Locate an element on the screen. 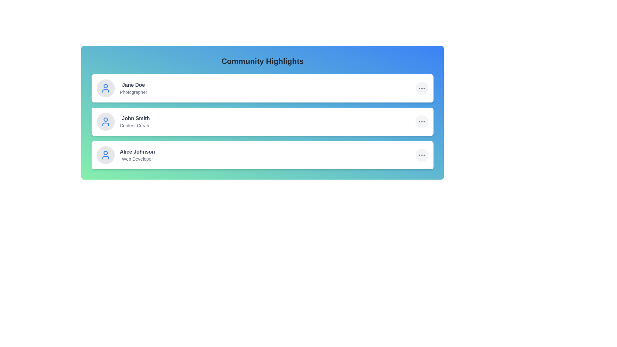 Image resolution: width=617 pixels, height=347 pixels. the Text Label that reads 'Content Creator', which is located below 'John Smith' in the 'Community Highlights' section is located at coordinates (135, 125).